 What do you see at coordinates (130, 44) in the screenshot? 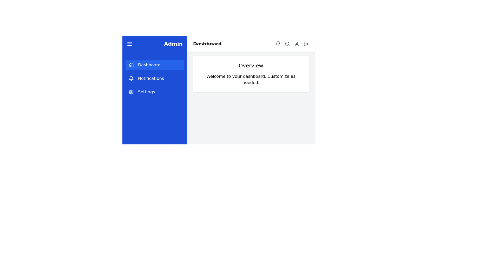
I see `the button located on the far left side of the header section` at bounding box center [130, 44].